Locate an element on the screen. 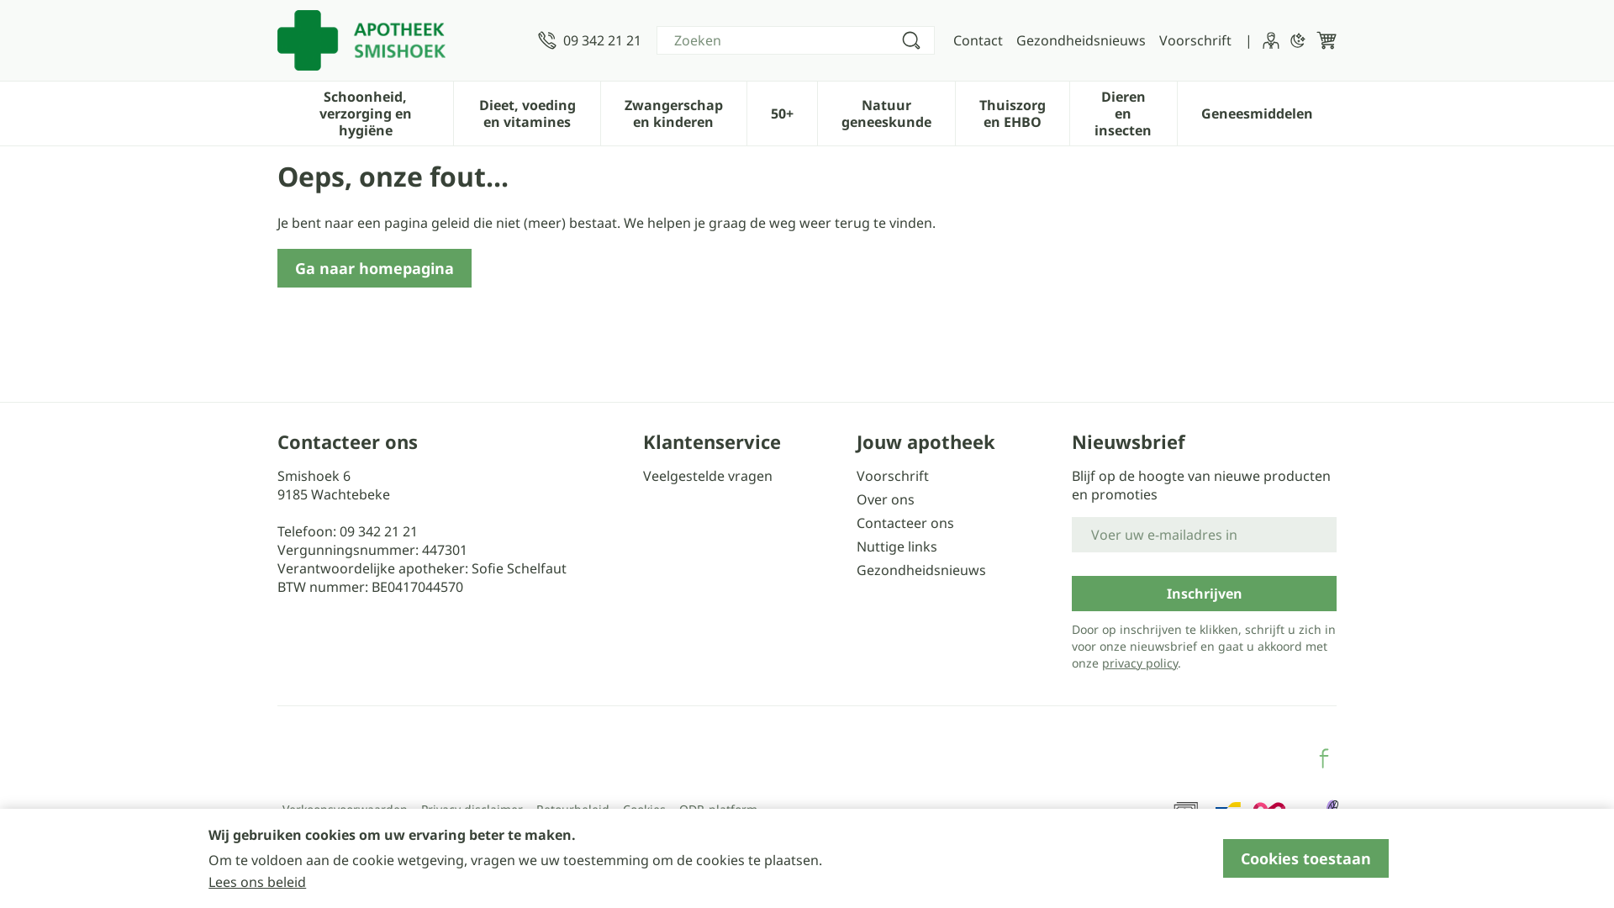 This screenshot has width=1614, height=908. 'Ga naar homepagina' is located at coordinates (373, 267).